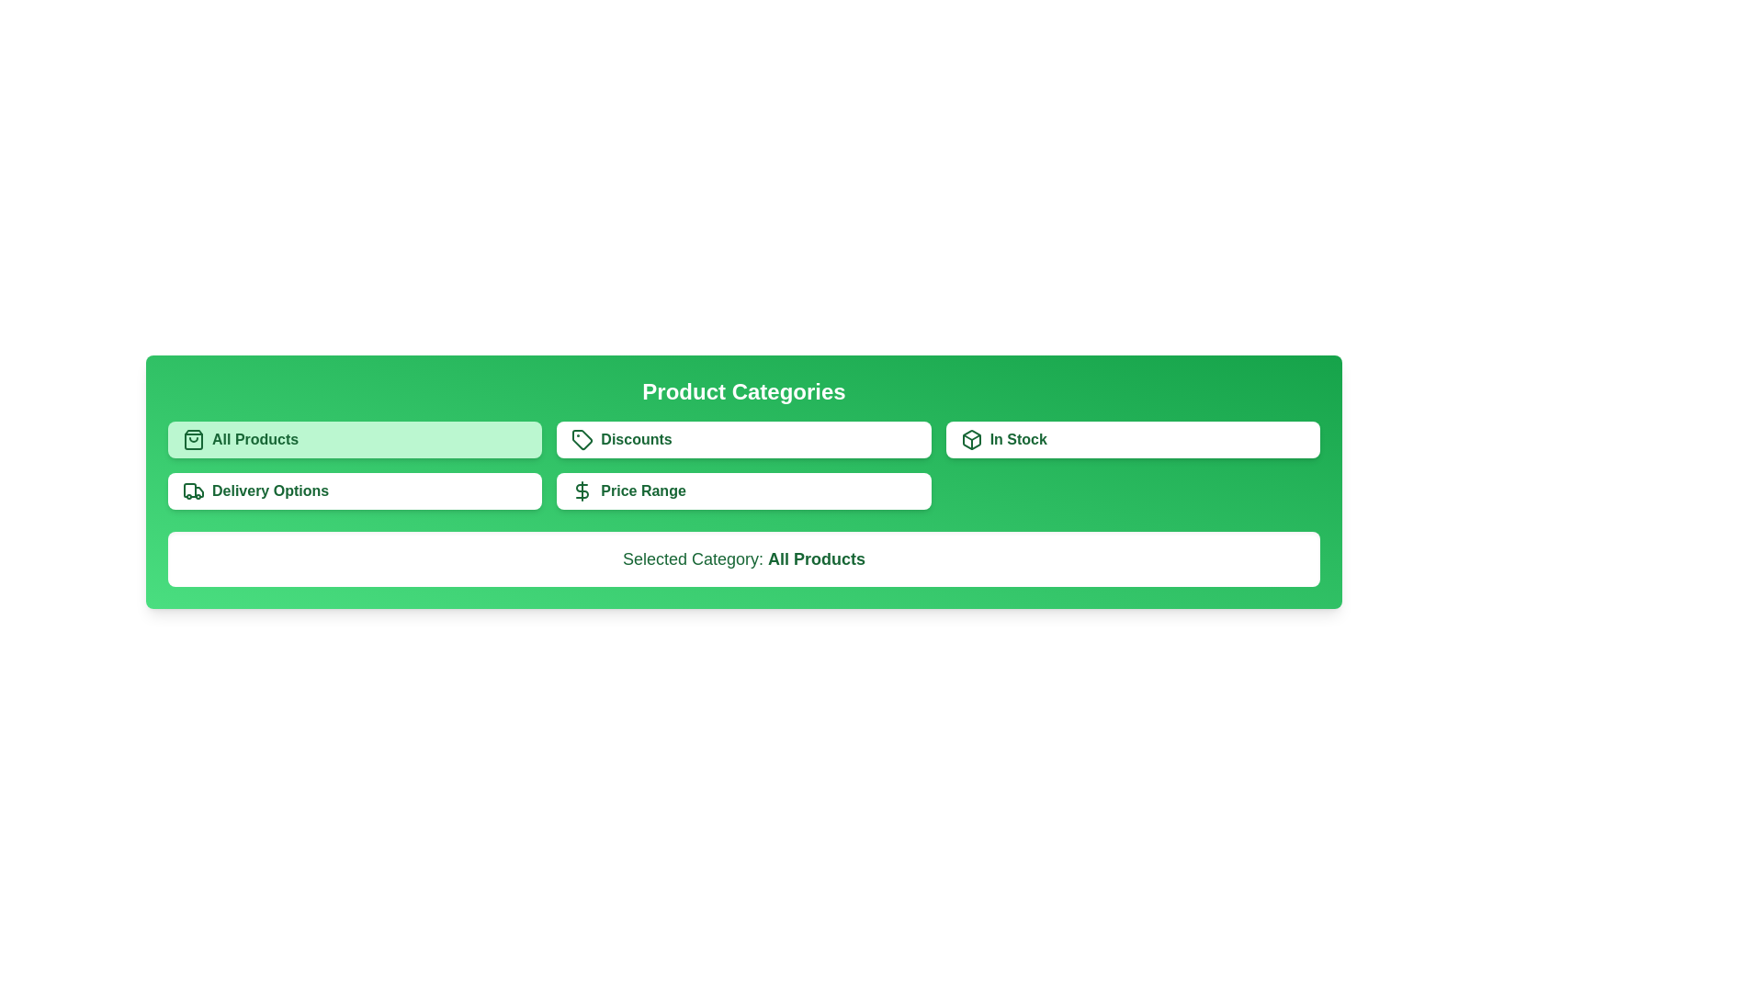 This screenshot has width=1764, height=992. Describe the element at coordinates (582, 439) in the screenshot. I see `the 'Discounts' button icon located in the 'Product Categories' section to trigger possible hover effects` at that location.